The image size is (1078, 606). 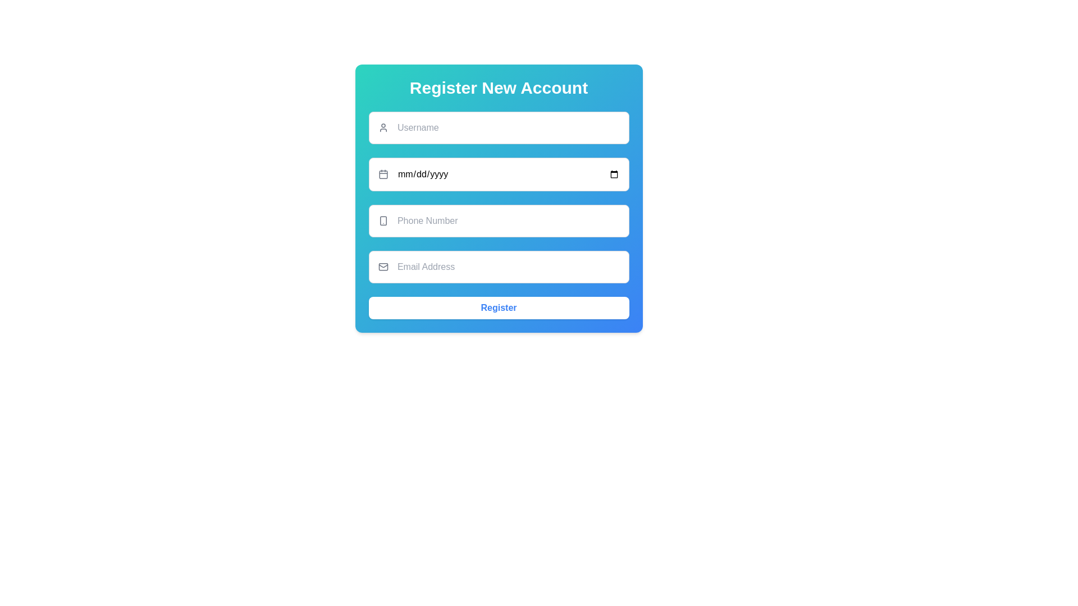 I want to click on the user-related information icon, which is positioned to the far left of the 'Username' input field, so click(x=383, y=127).